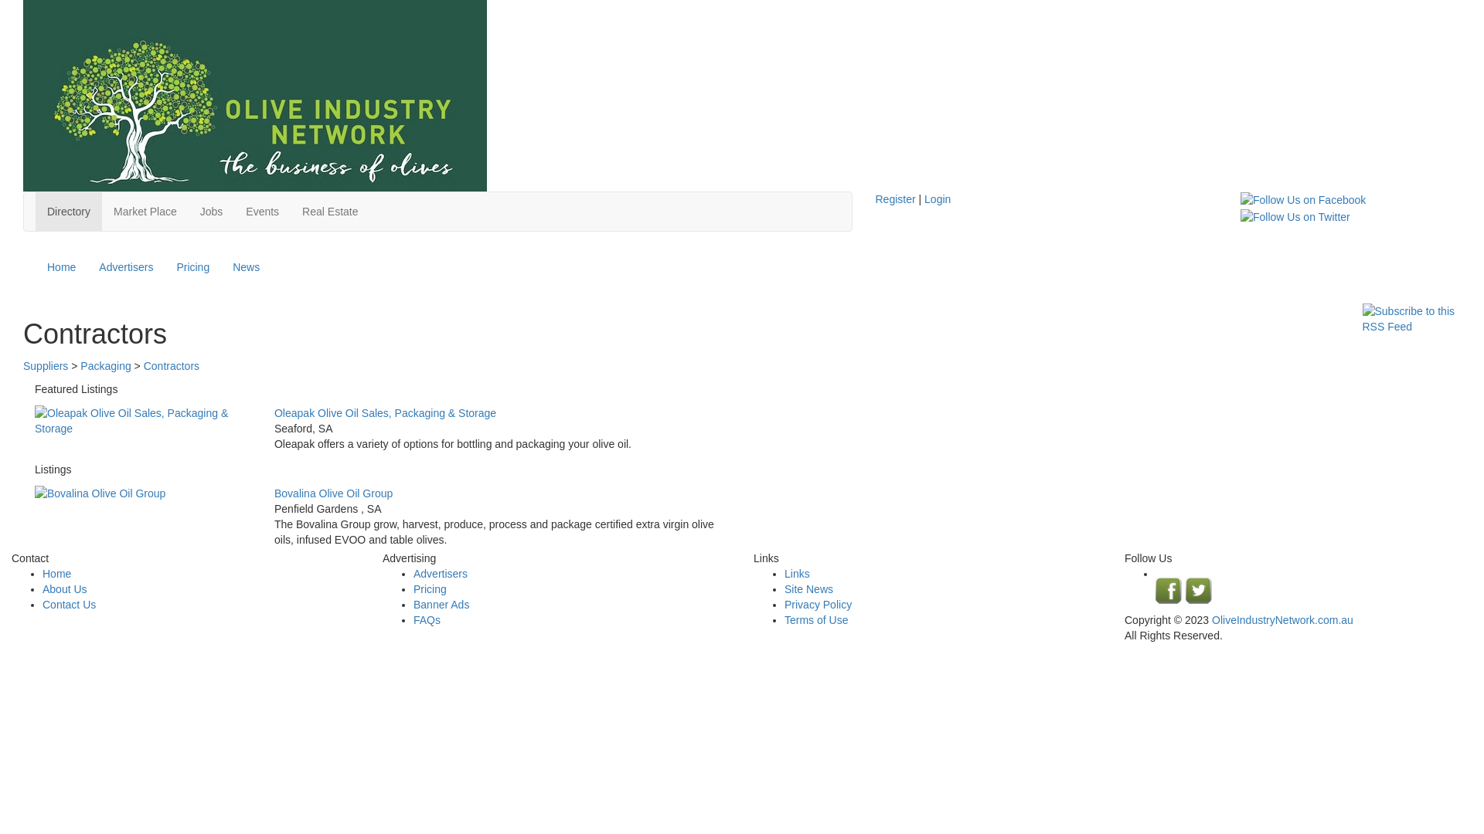 Image resolution: width=1484 pixels, height=834 pixels. I want to click on 'Register', so click(894, 198).